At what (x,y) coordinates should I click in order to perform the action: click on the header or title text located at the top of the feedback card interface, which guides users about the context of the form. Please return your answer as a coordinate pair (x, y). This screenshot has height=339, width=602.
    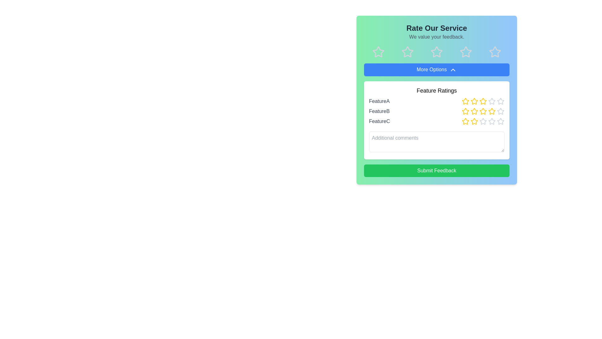
    Looking at the image, I should click on (436, 28).